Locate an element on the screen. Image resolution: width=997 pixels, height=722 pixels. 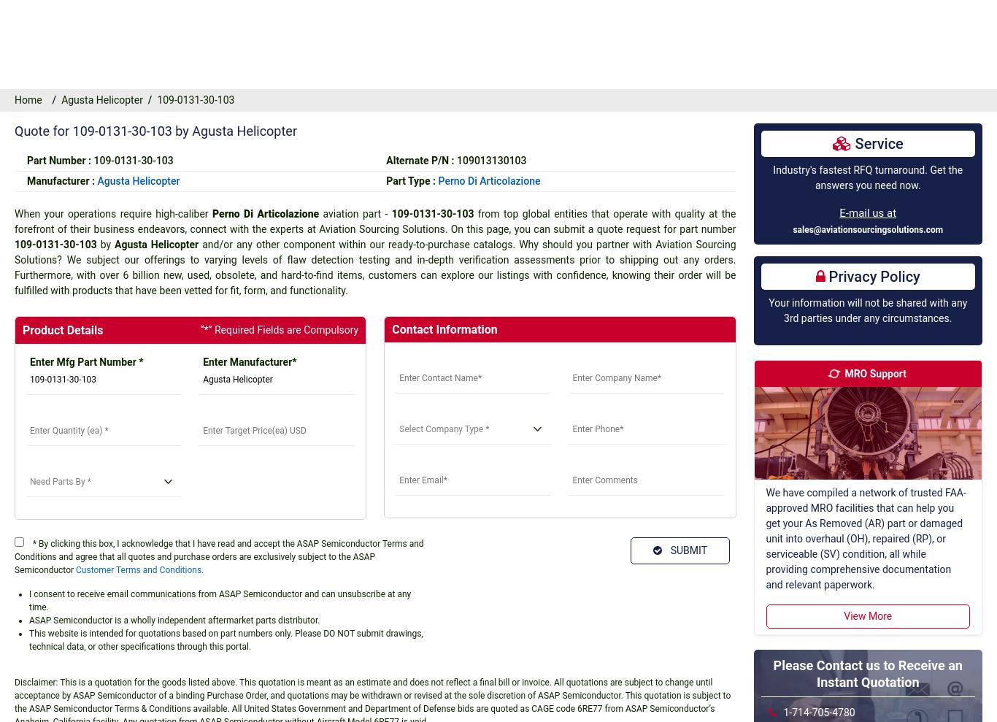
'All shipments must comply with U.S.A. export laws.' is located at coordinates (537, 580).